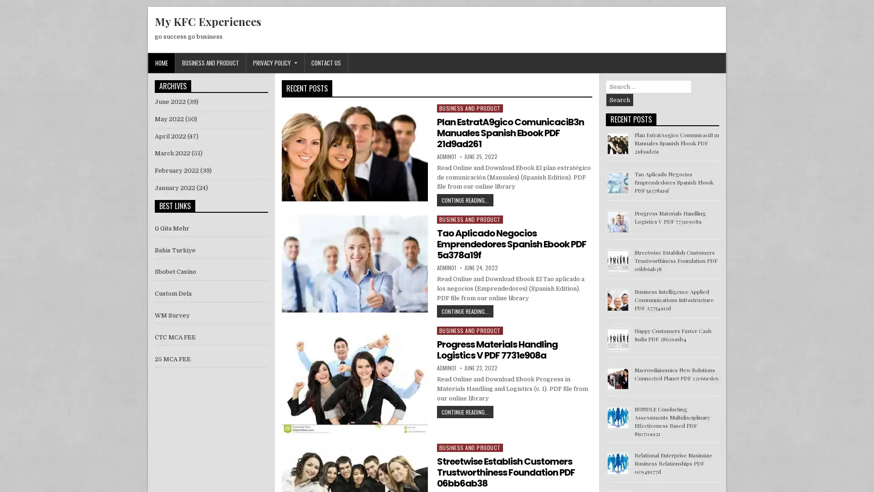 This screenshot has width=874, height=492. Describe the element at coordinates (619, 100) in the screenshot. I see `Search` at that location.